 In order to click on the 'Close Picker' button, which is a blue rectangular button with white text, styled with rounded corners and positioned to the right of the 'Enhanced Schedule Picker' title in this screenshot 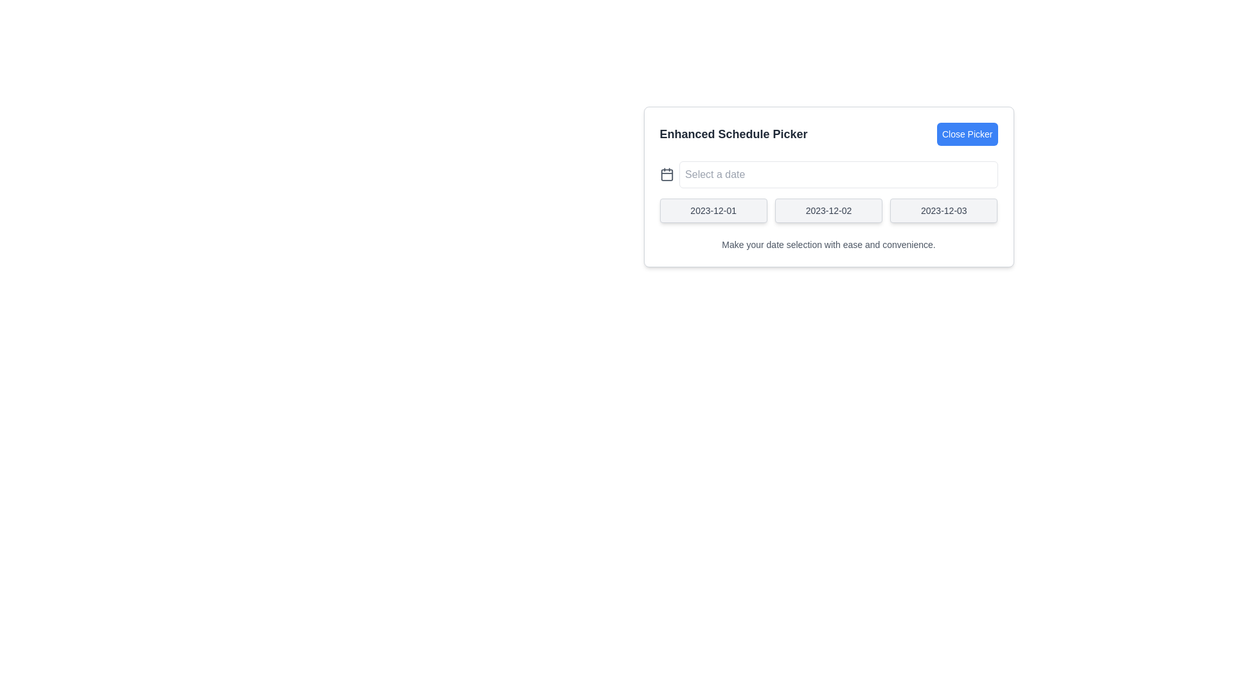, I will do `click(967, 134)`.